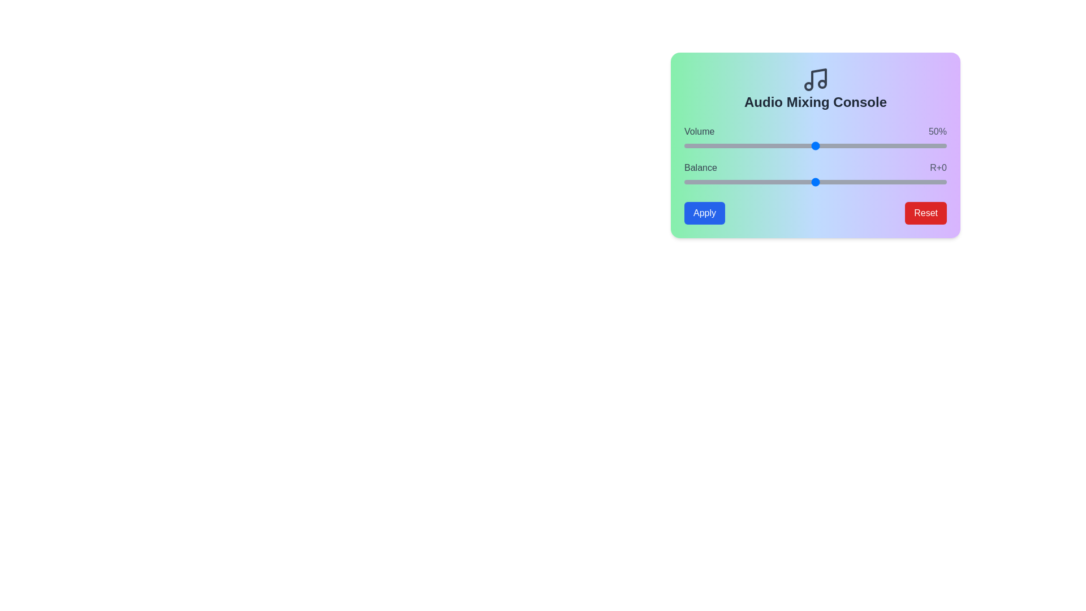 This screenshot has height=611, width=1086. Describe the element at coordinates (822, 84) in the screenshot. I see `the rightmost circle of the musical note SVG element, situated above the title 'Audio Mixing Console'` at that location.